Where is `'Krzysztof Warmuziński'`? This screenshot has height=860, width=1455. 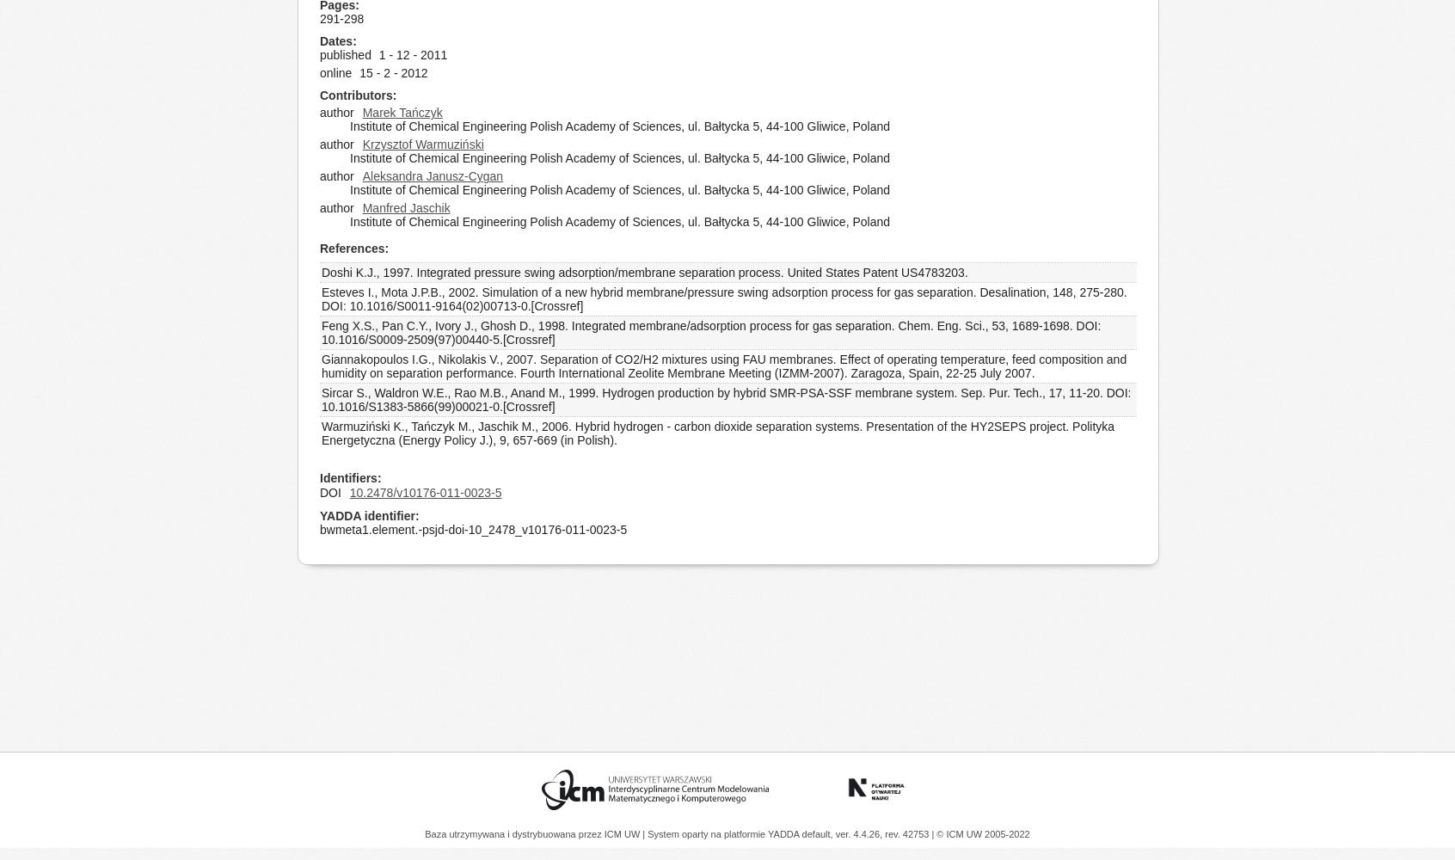 'Krzysztof Warmuziński' is located at coordinates (421, 144).